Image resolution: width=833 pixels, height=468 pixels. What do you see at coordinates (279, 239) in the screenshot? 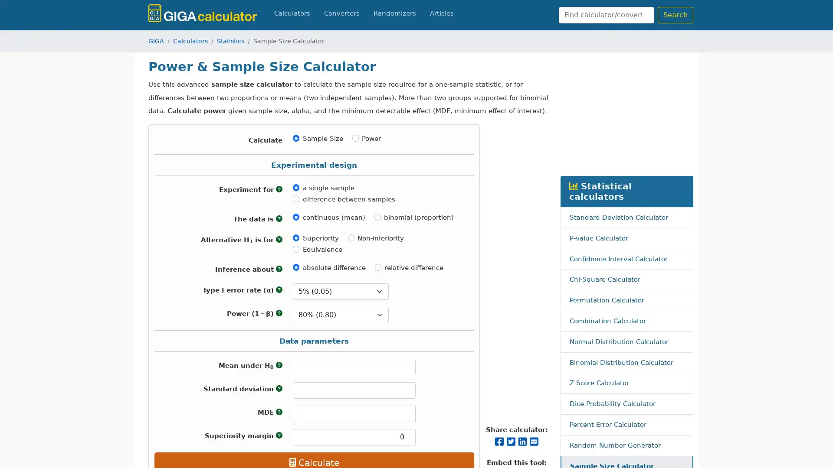
I see `Help: Alternative H1 is for` at bounding box center [279, 239].